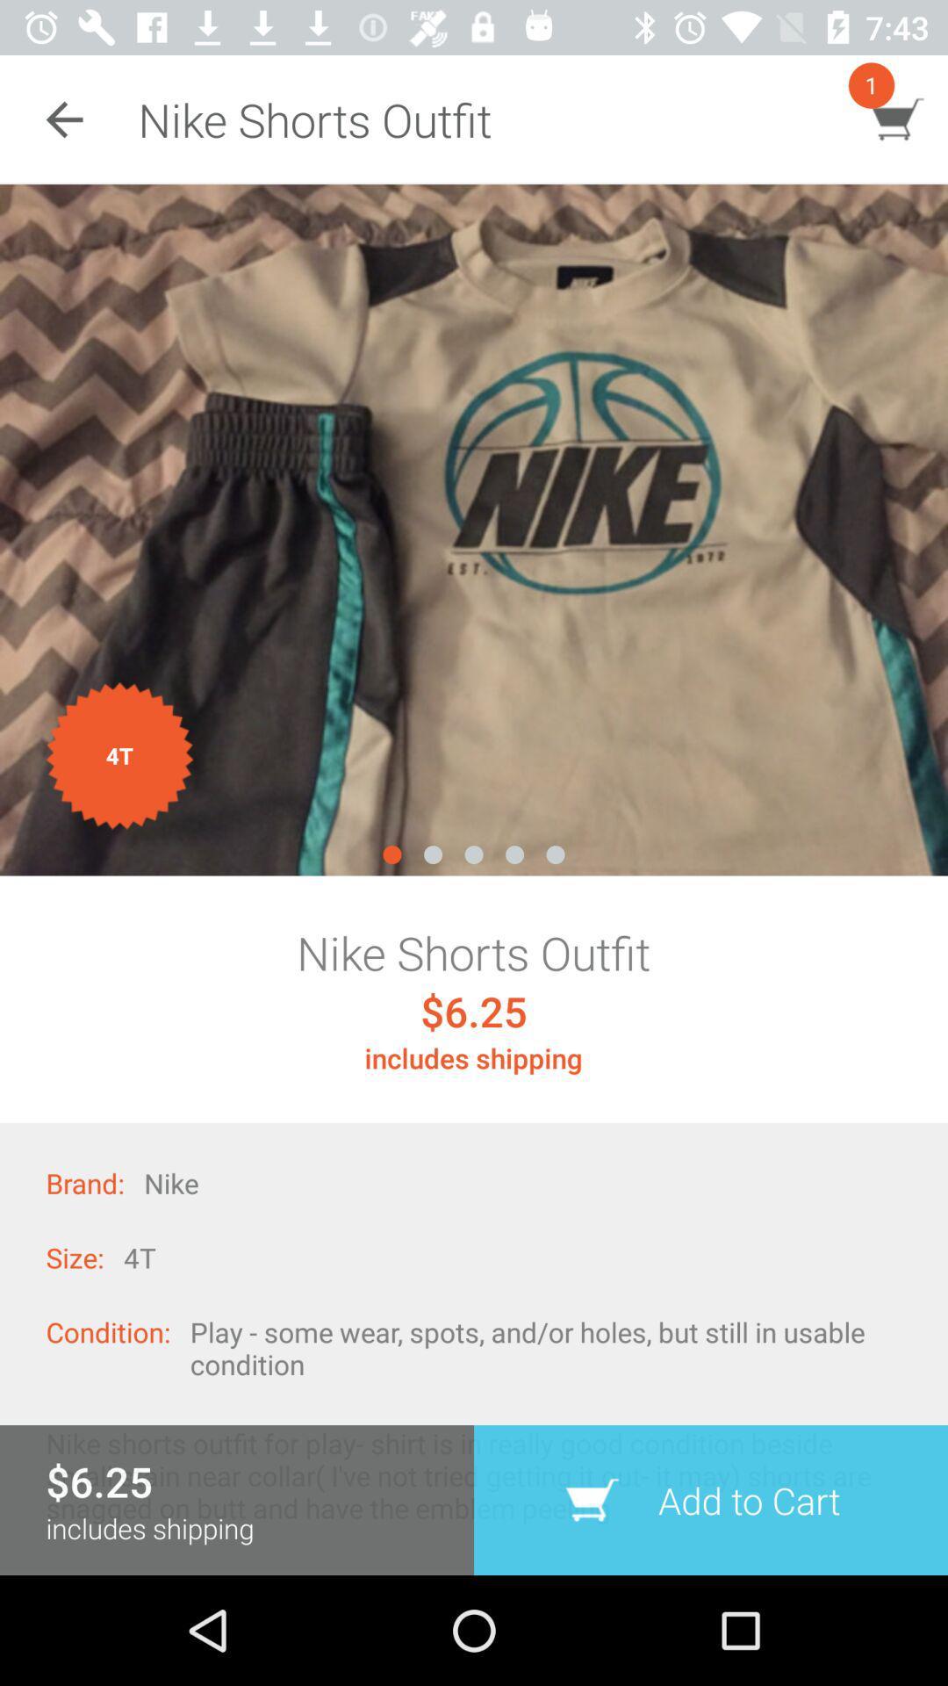  What do you see at coordinates (63, 119) in the screenshot?
I see `the item next to nike shorts outfit` at bounding box center [63, 119].